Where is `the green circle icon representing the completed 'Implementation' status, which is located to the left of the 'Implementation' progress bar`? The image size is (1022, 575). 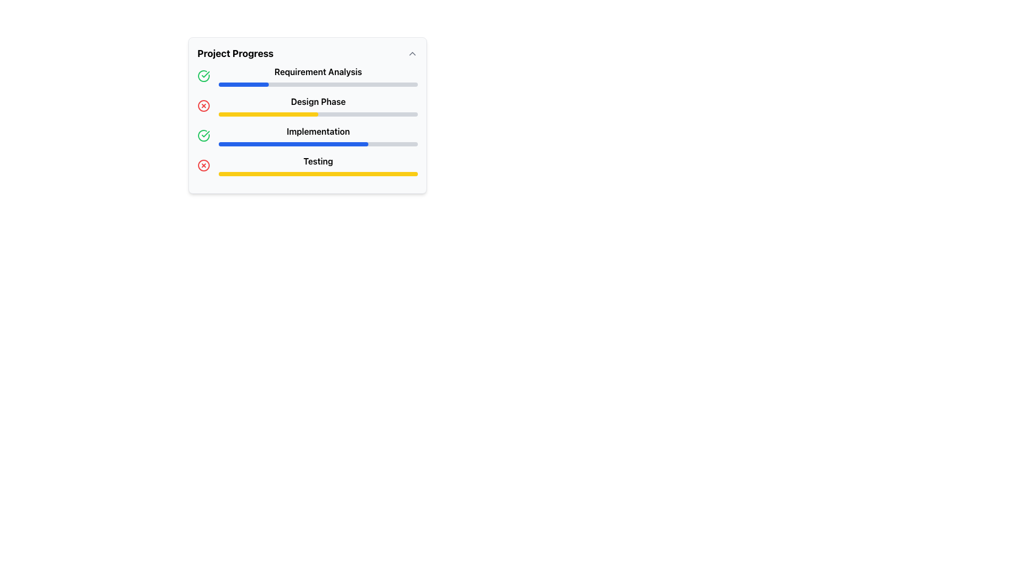
the green circle icon representing the completed 'Implementation' status, which is located to the left of the 'Implementation' progress bar is located at coordinates (204, 75).